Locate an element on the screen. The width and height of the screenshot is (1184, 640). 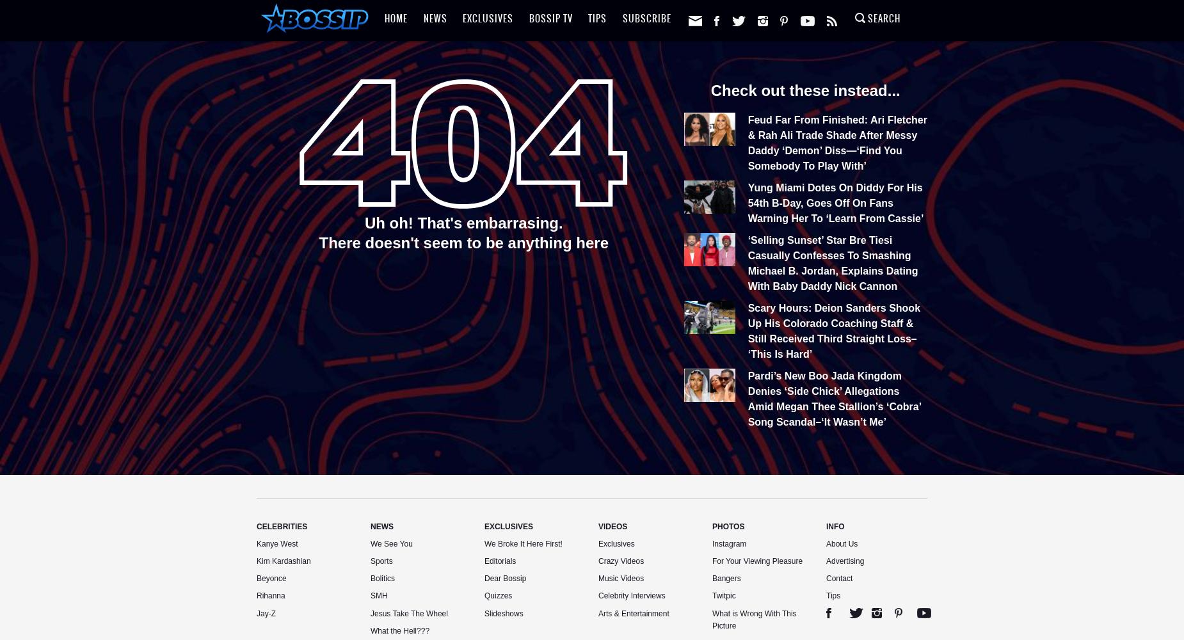
'Editorials' is located at coordinates (500, 561).